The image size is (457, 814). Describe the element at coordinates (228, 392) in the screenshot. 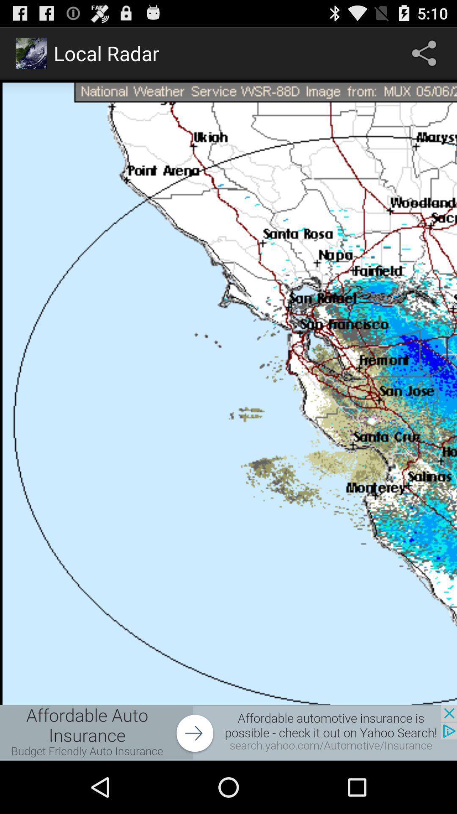

I see `app page` at that location.